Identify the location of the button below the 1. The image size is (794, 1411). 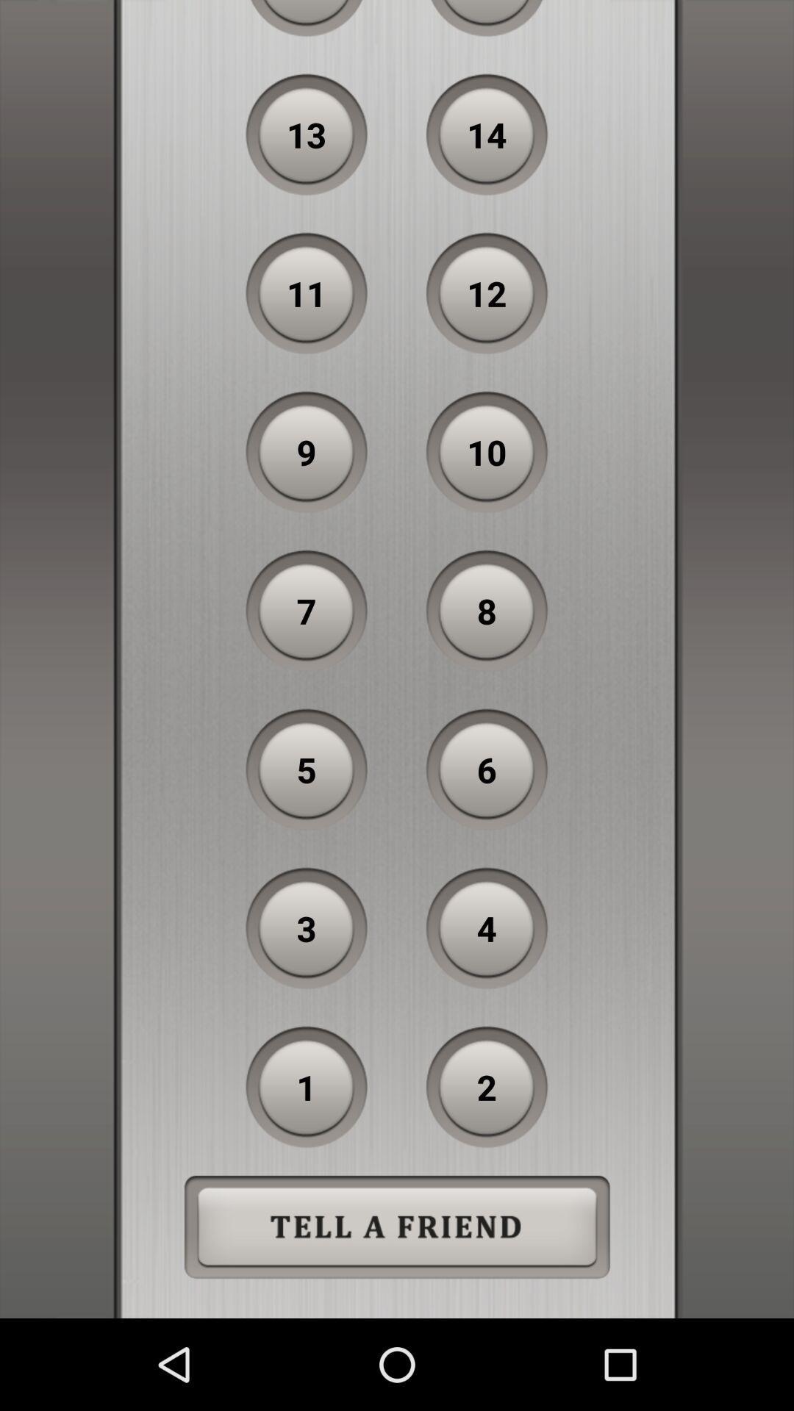
(397, 1227).